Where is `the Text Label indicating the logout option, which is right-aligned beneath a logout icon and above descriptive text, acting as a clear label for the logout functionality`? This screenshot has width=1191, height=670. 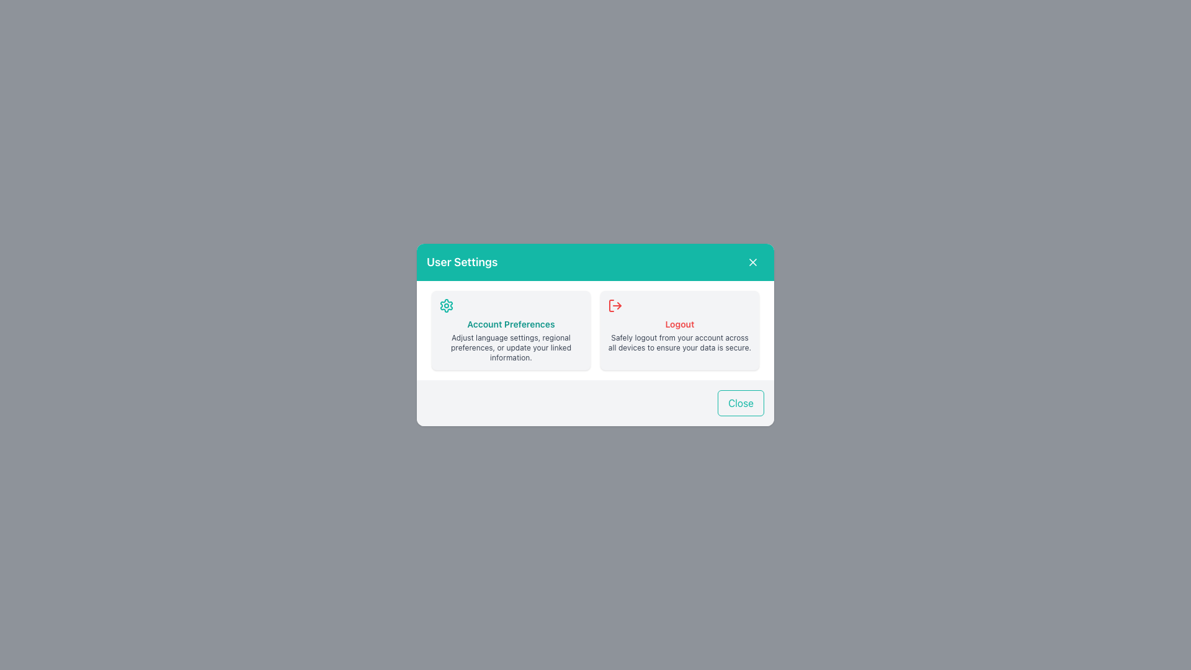 the Text Label indicating the logout option, which is right-aligned beneath a logout icon and above descriptive text, acting as a clear label for the logout functionality is located at coordinates (679, 324).